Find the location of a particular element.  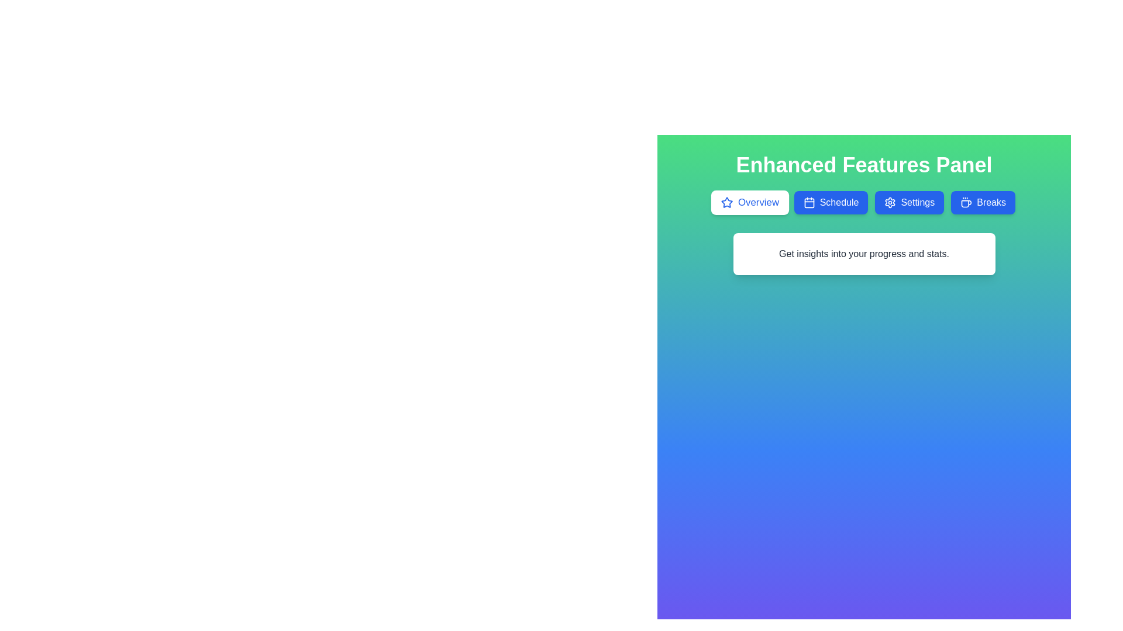

the star-shaped icon within the 'Overview' button is located at coordinates (726, 202).